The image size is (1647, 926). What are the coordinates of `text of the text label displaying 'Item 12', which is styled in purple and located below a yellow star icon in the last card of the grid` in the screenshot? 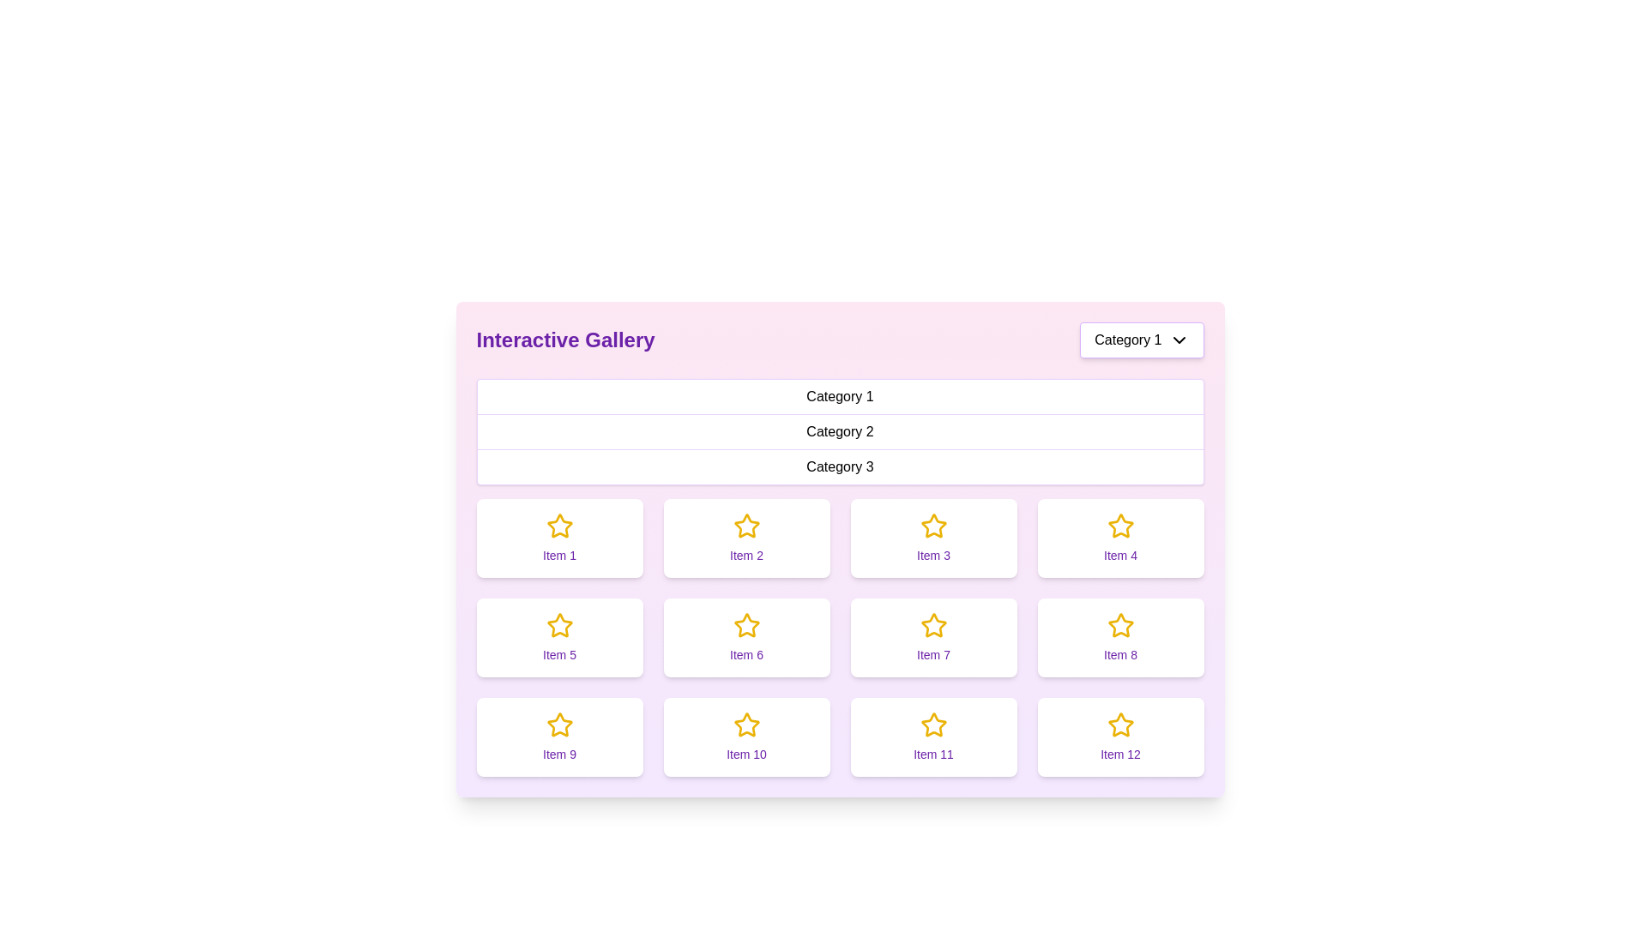 It's located at (1120, 753).